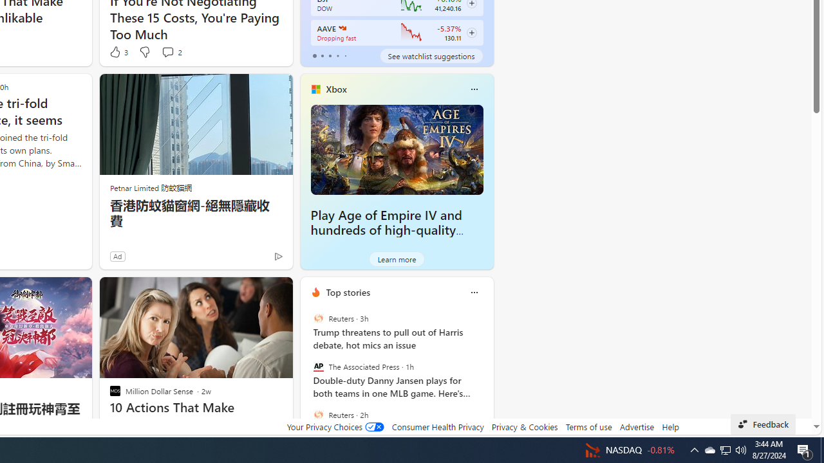 Image resolution: width=824 pixels, height=463 pixels. What do you see at coordinates (431, 55) in the screenshot?
I see `'See watchlist suggestions'` at bounding box center [431, 55].